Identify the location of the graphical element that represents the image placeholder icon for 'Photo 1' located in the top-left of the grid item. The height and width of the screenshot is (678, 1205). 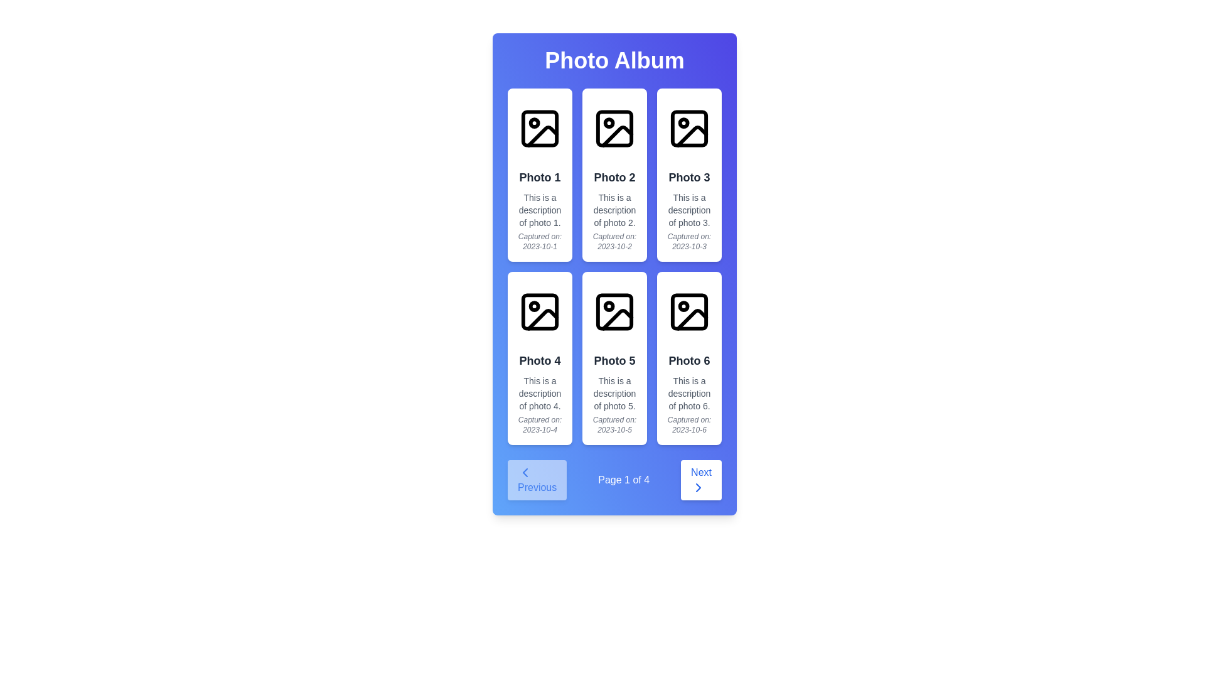
(540, 128).